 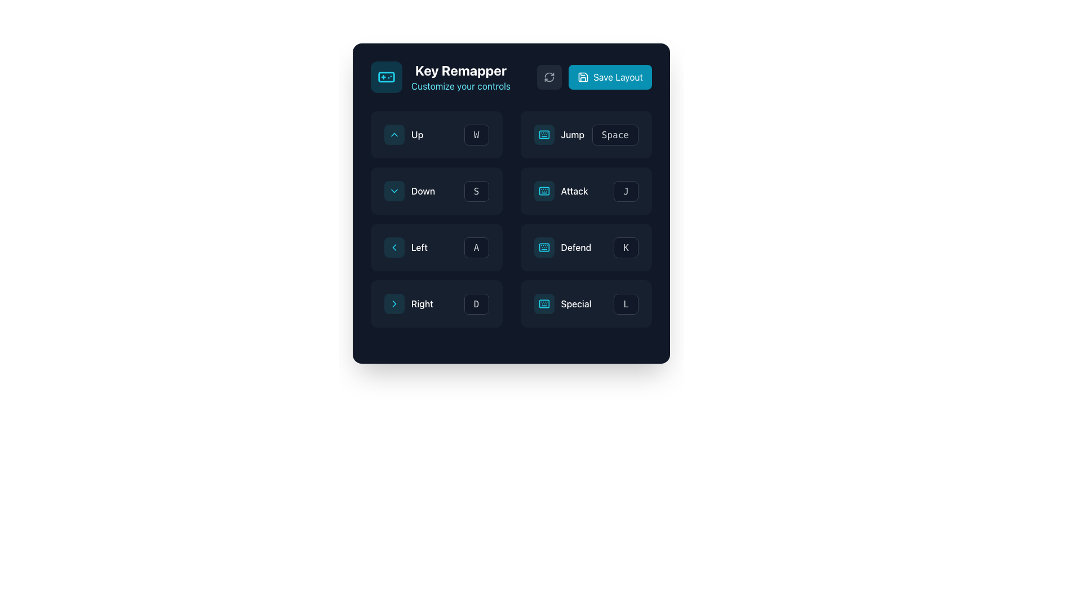 I want to click on the triangular-shaped arrow icon with a cyan outline that points upwards, located in the top-left quadrant of the interface, part of the 'Up' grouping in a 2x4 grid layout, so click(x=394, y=134).